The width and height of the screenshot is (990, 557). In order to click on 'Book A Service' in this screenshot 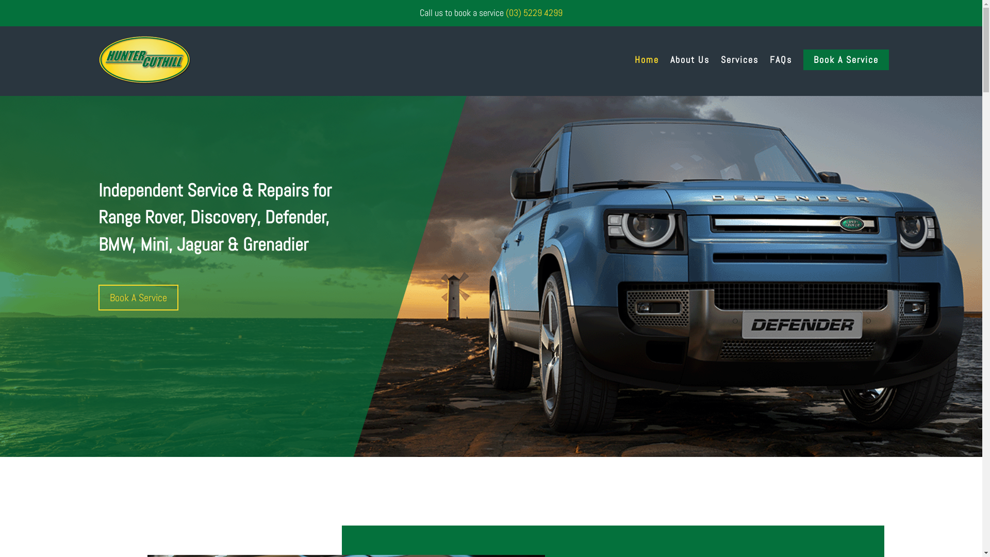, I will do `click(137, 298)`.